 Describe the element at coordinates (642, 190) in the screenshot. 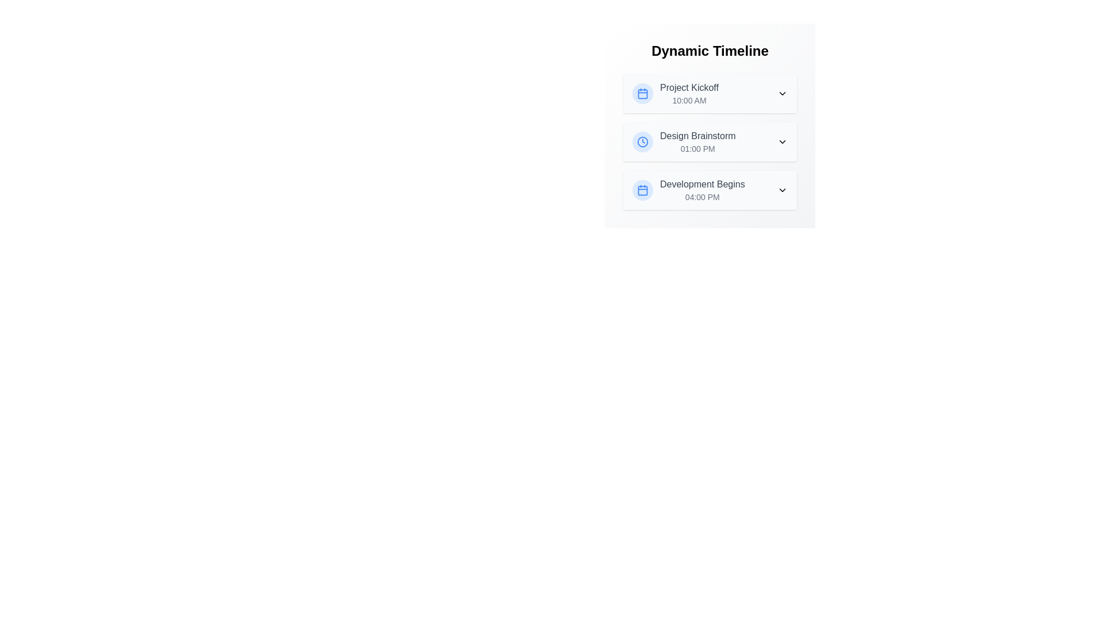

I see `the event association` at that location.